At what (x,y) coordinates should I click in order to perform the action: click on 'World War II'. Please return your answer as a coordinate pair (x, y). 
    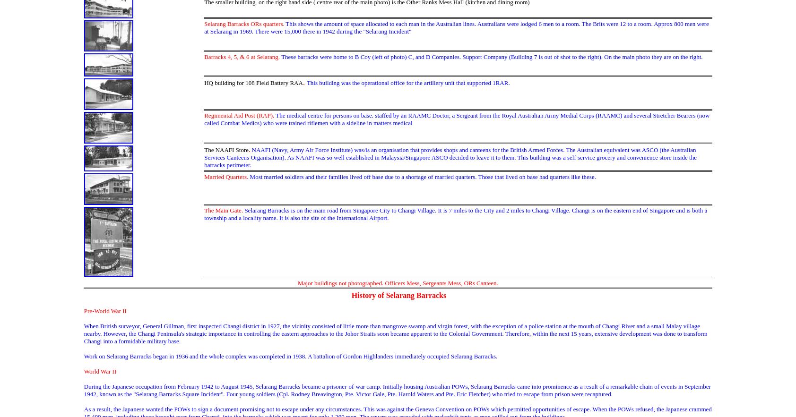
    Looking at the image, I should click on (99, 371).